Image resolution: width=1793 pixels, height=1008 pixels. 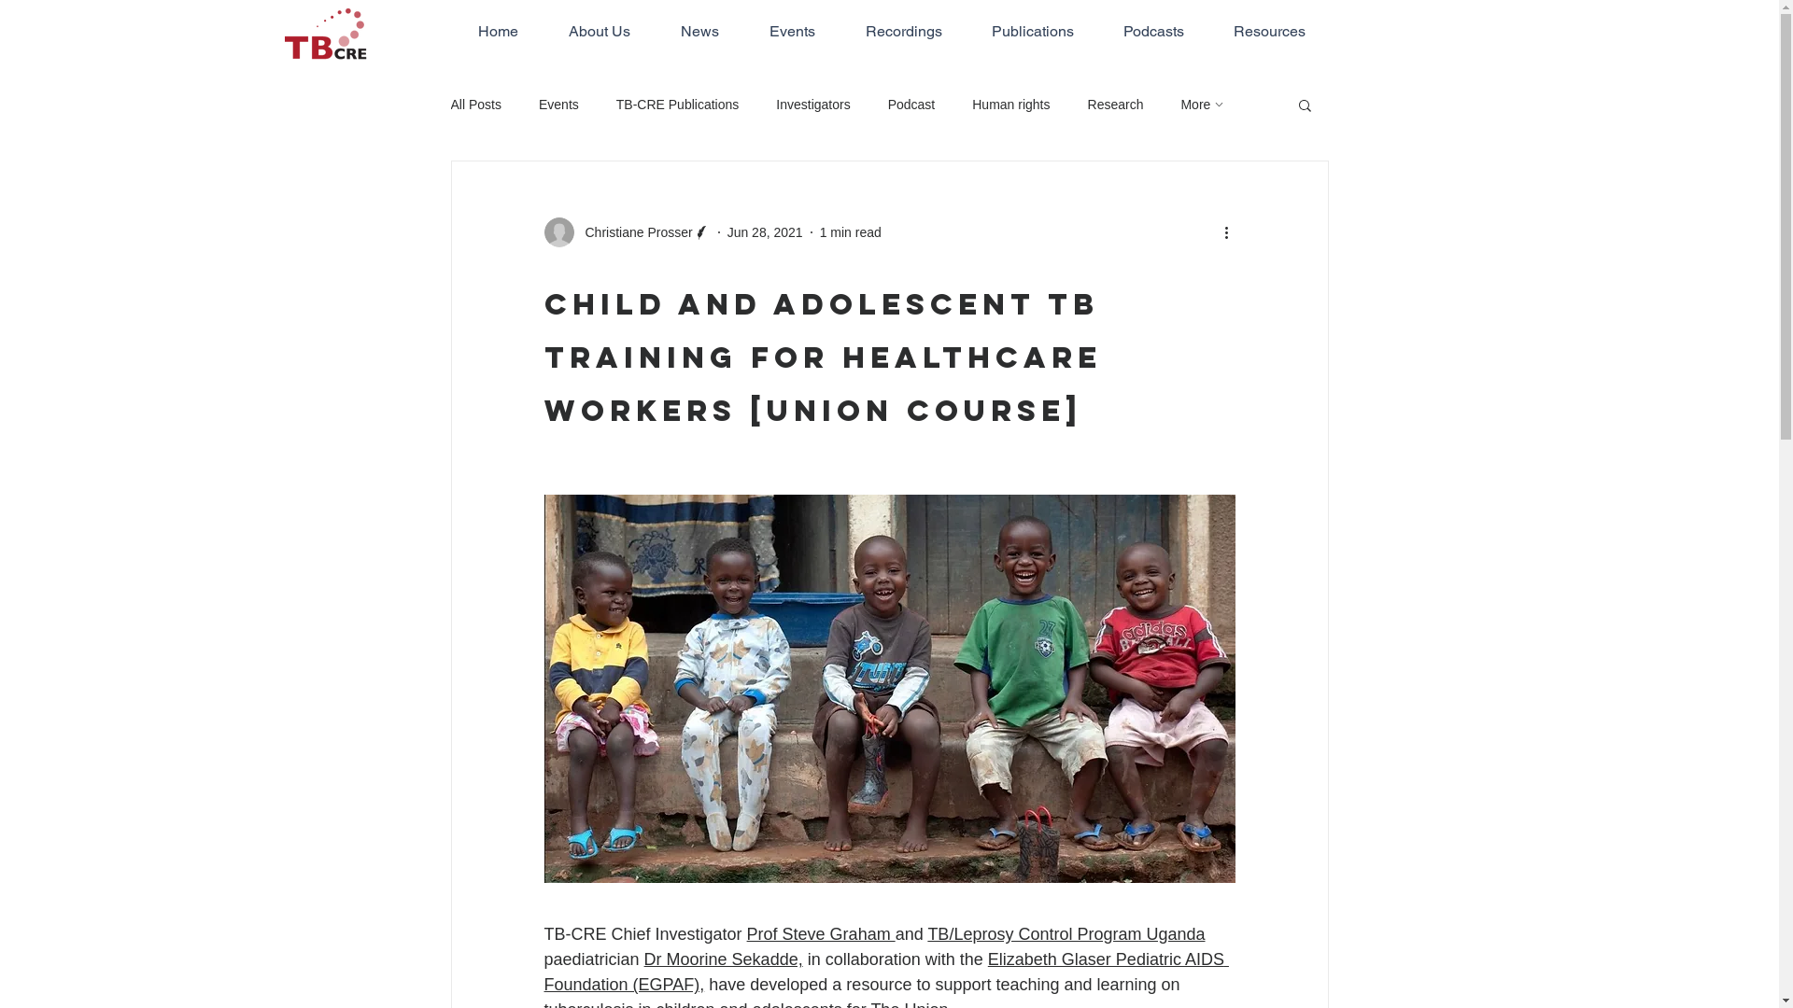 What do you see at coordinates (1009, 104) in the screenshot?
I see `'Human rights'` at bounding box center [1009, 104].